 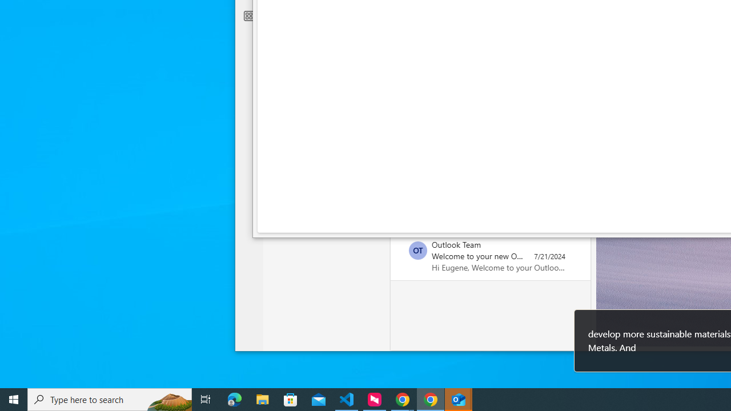 I want to click on 'Outlook (new) - 2 running windows', so click(x=459, y=398).